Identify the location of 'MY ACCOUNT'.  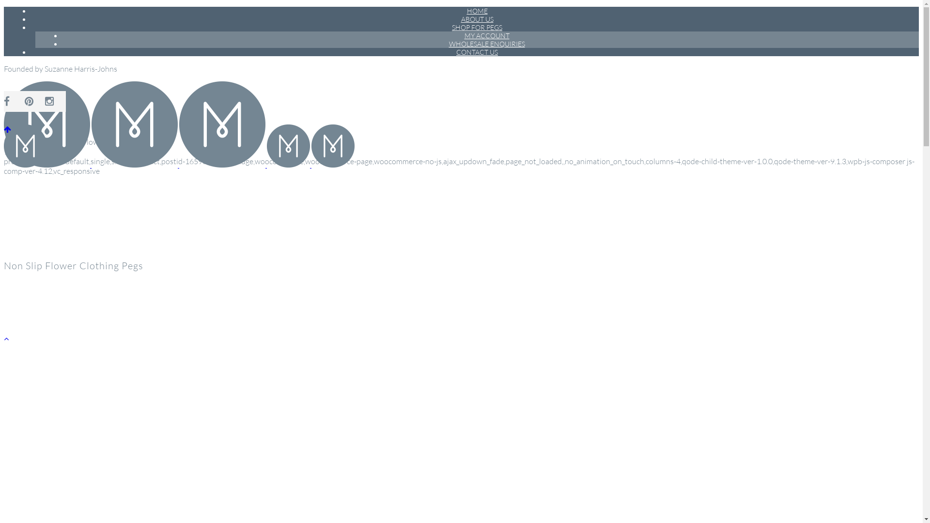
(457, 35).